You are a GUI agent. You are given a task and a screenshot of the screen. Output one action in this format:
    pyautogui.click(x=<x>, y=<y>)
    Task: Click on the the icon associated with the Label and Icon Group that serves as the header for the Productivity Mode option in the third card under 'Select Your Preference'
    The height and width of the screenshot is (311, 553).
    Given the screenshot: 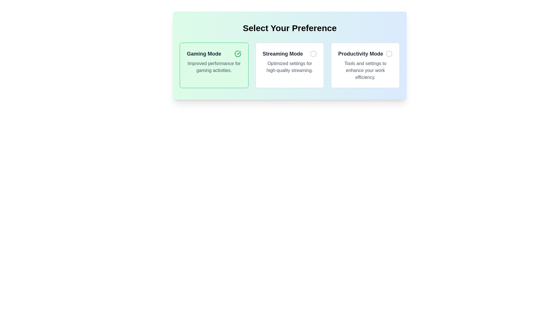 What is the action you would take?
    pyautogui.click(x=365, y=54)
    